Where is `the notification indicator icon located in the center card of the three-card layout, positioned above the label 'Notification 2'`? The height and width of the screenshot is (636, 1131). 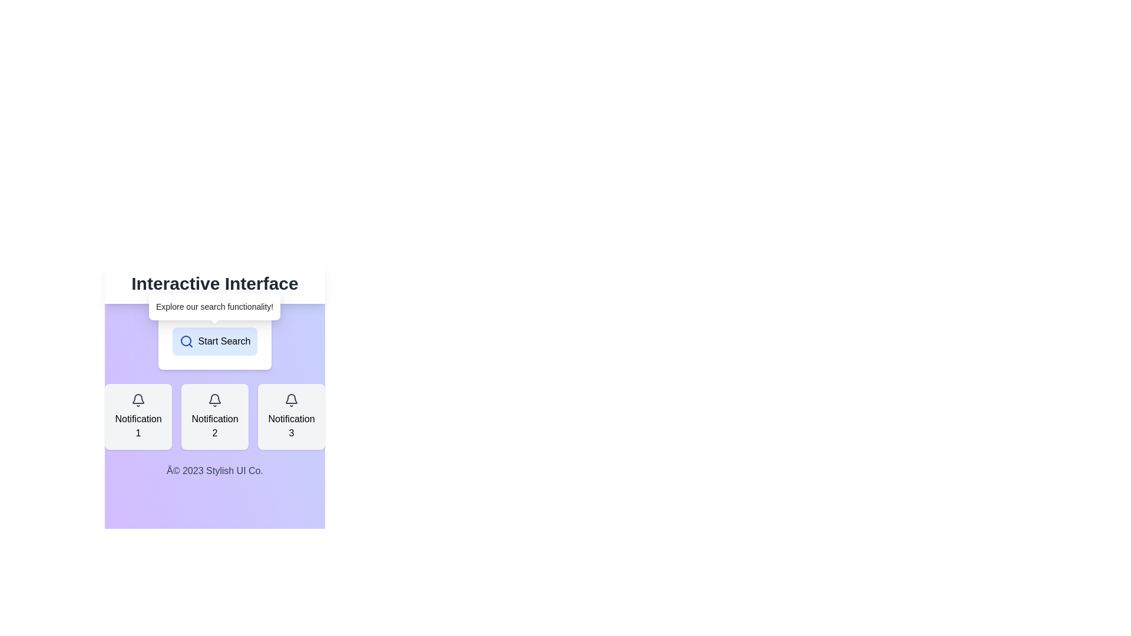 the notification indicator icon located in the center card of the three-card layout, positioned above the label 'Notification 2' is located at coordinates (214, 399).